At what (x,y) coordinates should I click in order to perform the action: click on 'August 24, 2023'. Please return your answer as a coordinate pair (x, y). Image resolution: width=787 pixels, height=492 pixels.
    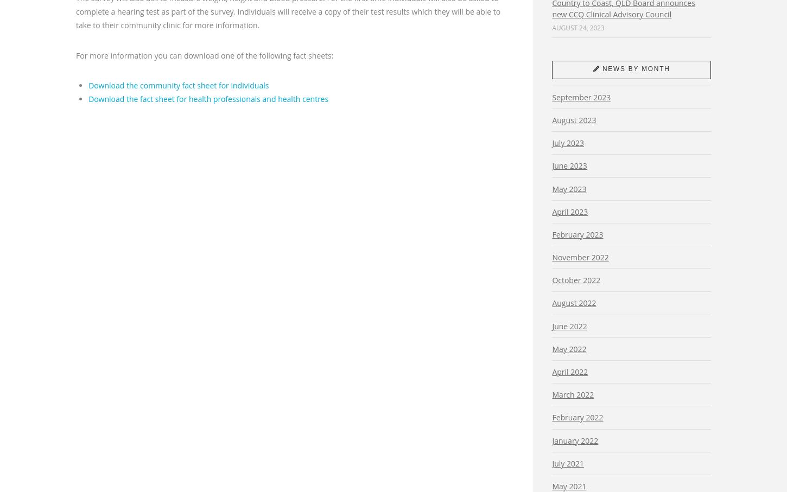
    Looking at the image, I should click on (578, 27).